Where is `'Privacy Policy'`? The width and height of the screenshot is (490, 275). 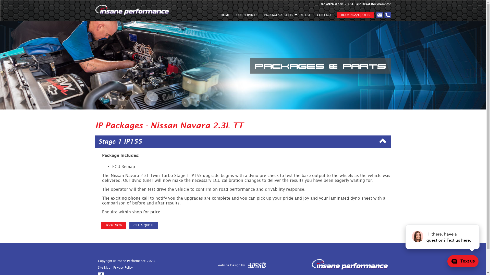 'Privacy Policy' is located at coordinates (123, 267).